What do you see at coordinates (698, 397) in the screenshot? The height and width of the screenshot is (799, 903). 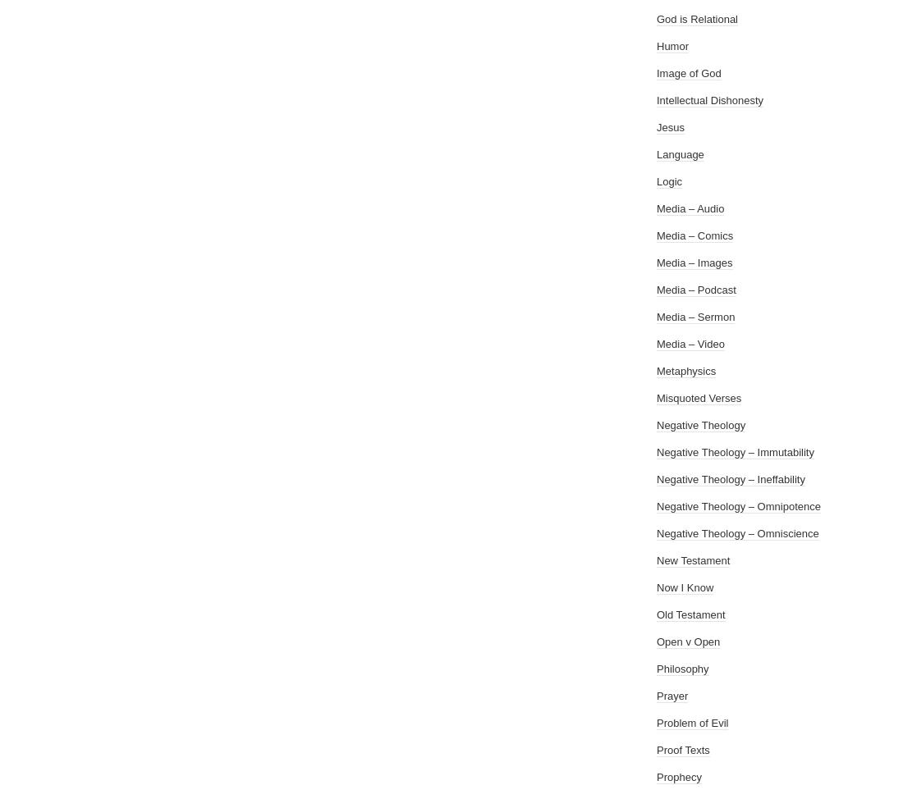 I see `'Misquoted Verses'` at bounding box center [698, 397].